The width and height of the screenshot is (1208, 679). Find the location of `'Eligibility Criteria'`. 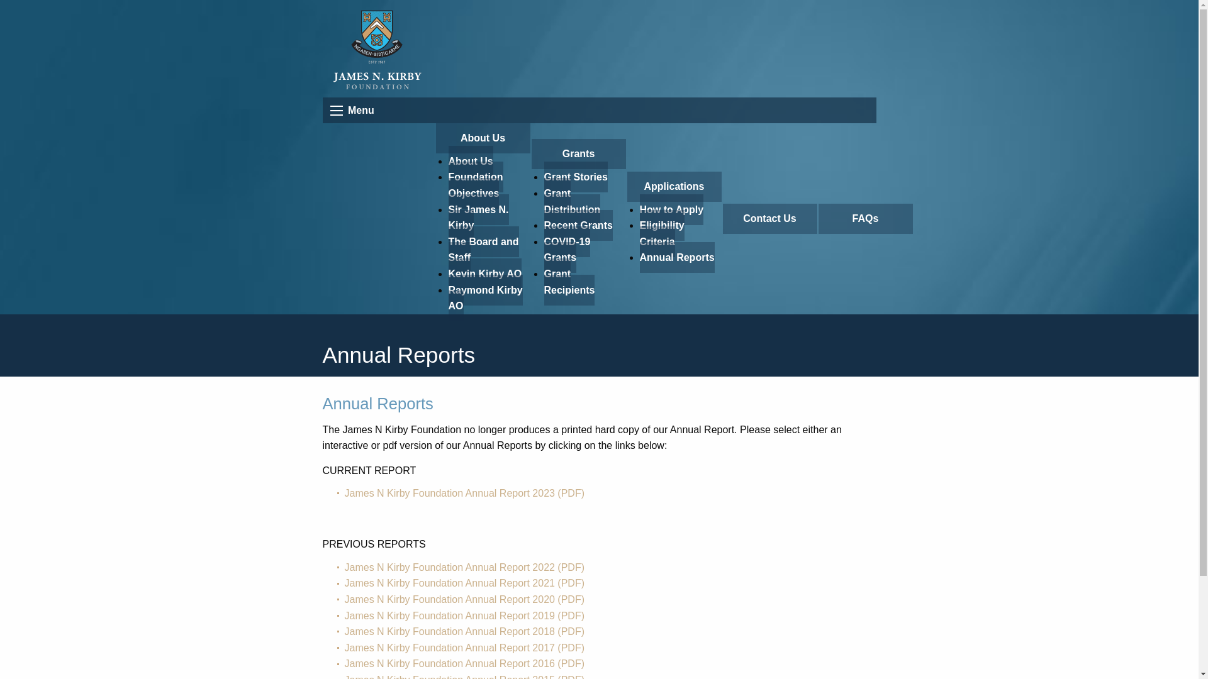

'Eligibility Criteria' is located at coordinates (661, 233).